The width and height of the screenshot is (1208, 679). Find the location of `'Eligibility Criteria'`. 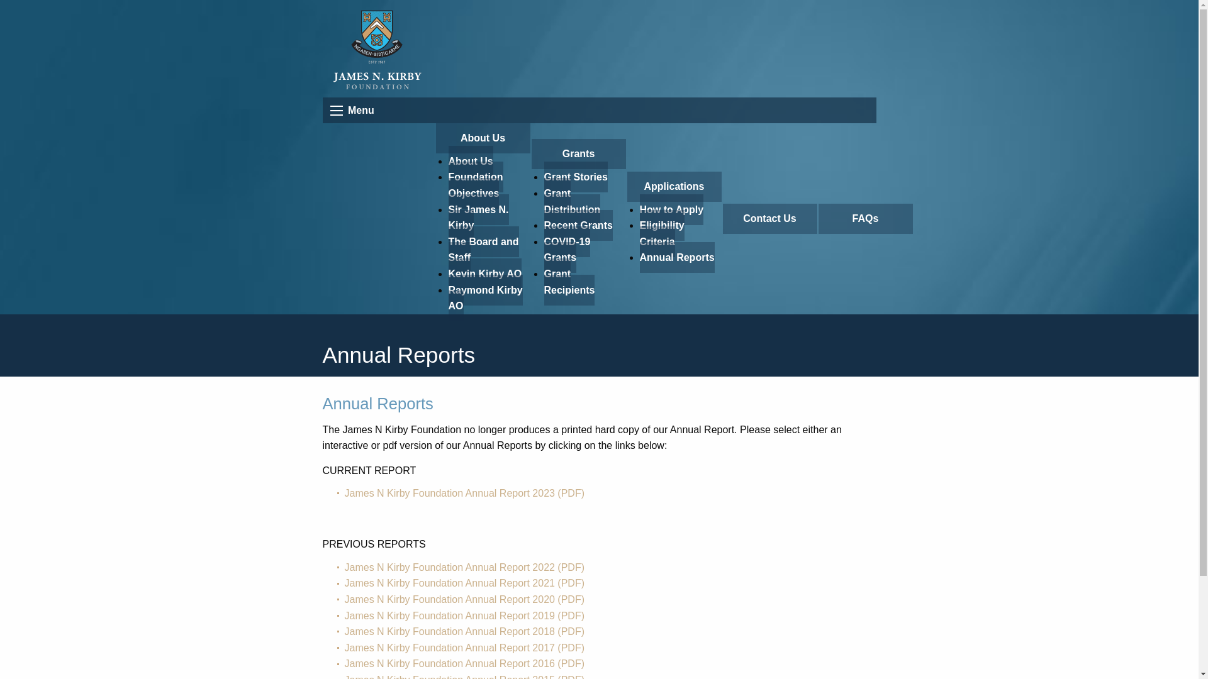

'Eligibility Criteria' is located at coordinates (661, 233).